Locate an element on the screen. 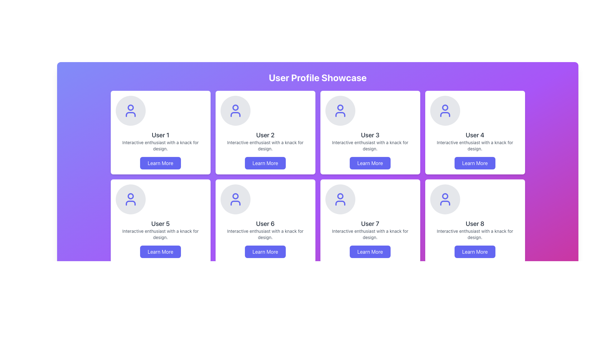 This screenshot has width=599, height=337. the user profile SVG icon, which is a circular head and shoulders silhouette in vibrant indigo, located in the second row, second column of the grid layout above the 'User 6' card is located at coordinates (235, 199).